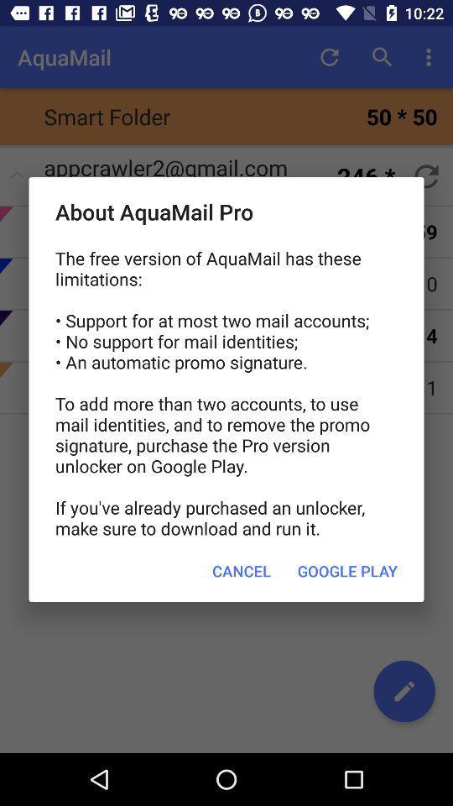 The image size is (453, 806). What do you see at coordinates (346, 571) in the screenshot?
I see `button to the right of the cancel` at bounding box center [346, 571].